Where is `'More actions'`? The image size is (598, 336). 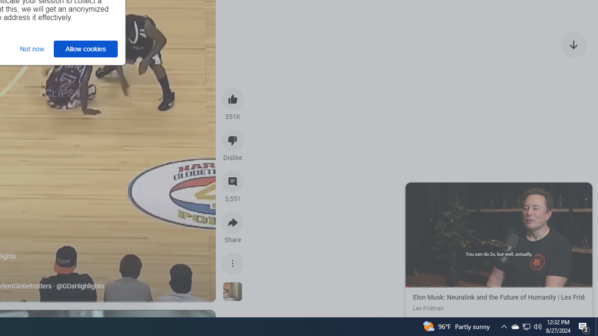 'More actions' is located at coordinates (233, 263).